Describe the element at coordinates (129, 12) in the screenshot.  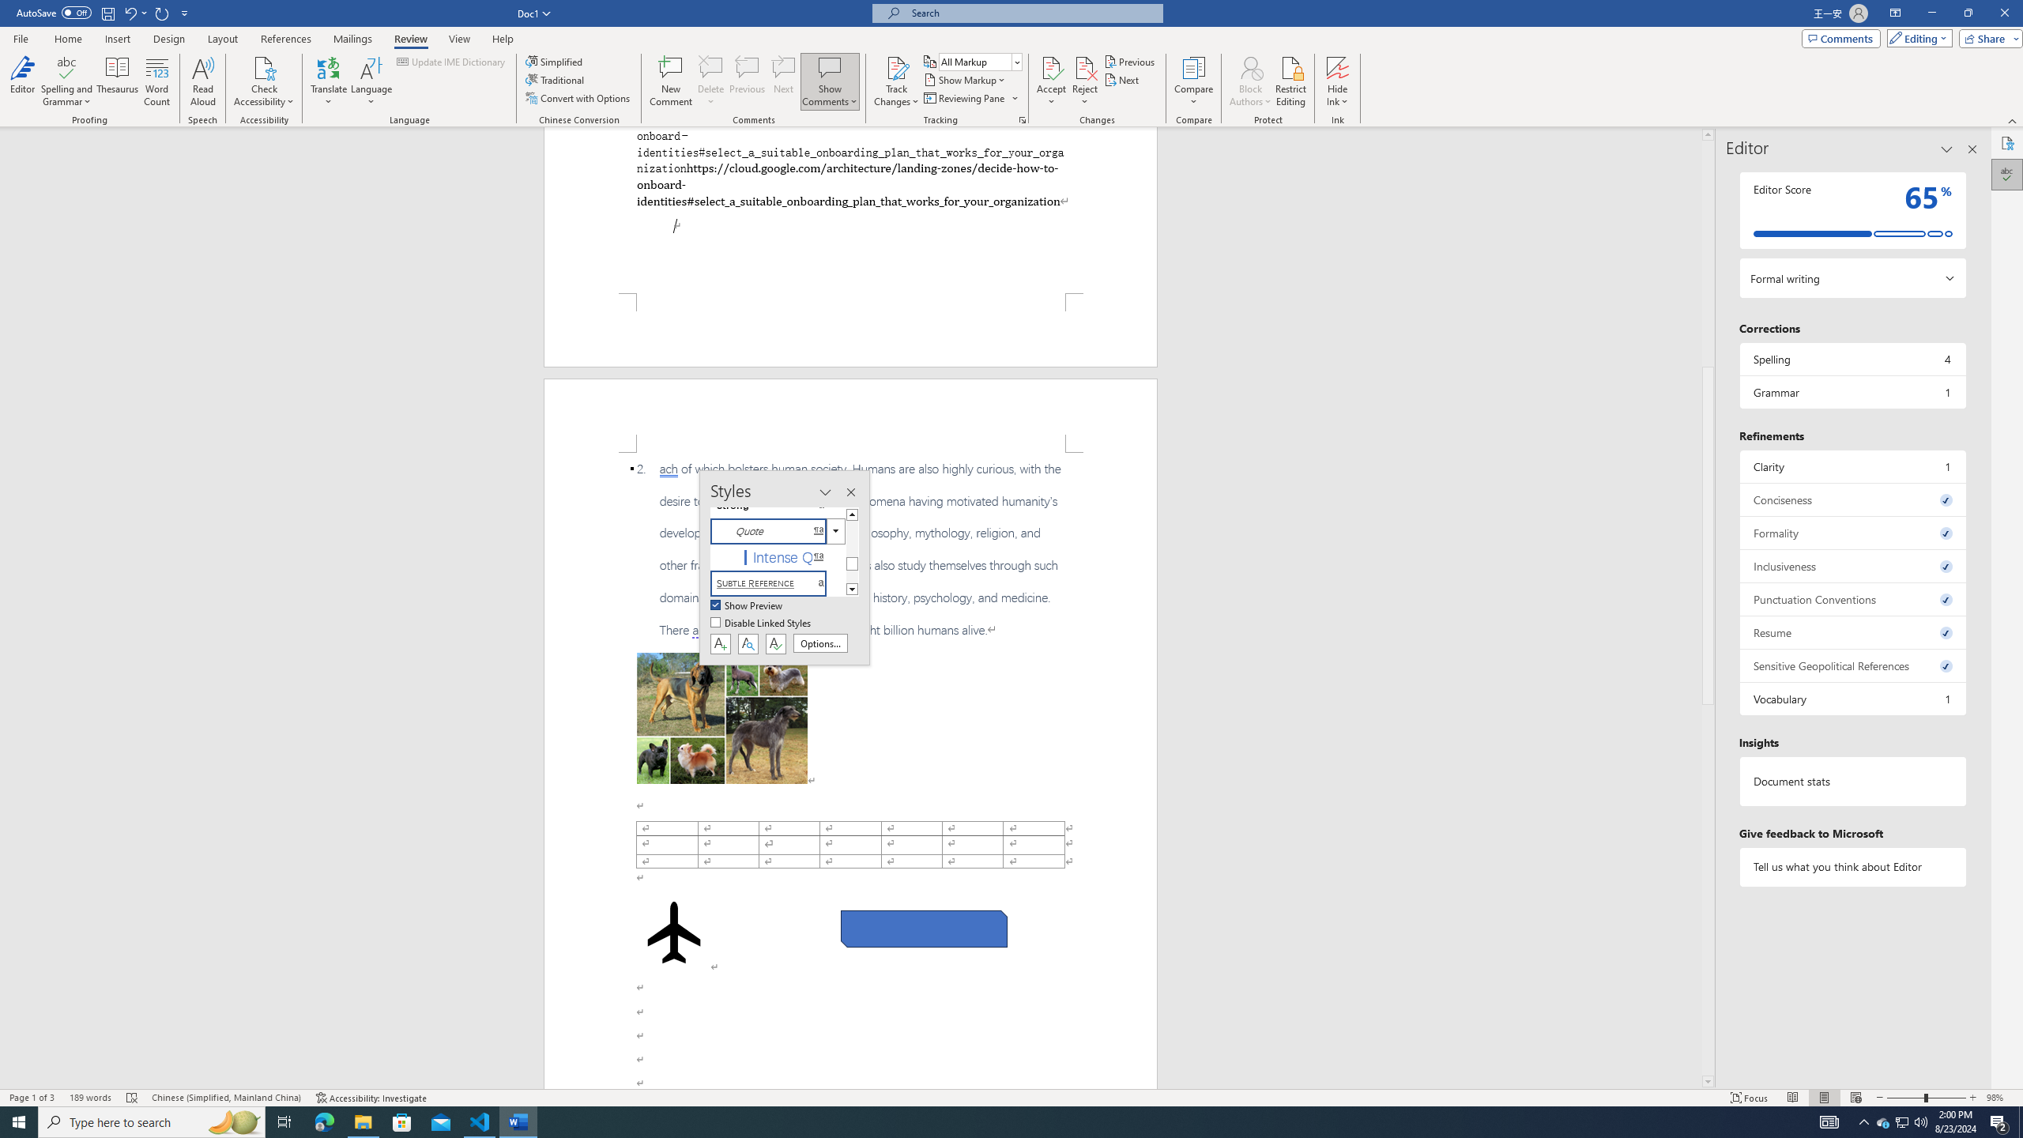
I see `'Undo Style'` at that location.